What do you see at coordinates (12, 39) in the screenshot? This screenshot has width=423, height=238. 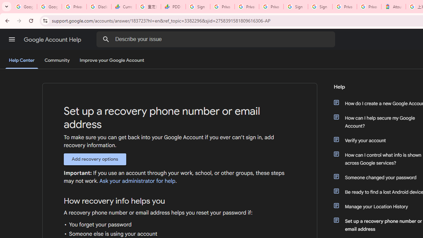 I see `'Main menu'` at bounding box center [12, 39].